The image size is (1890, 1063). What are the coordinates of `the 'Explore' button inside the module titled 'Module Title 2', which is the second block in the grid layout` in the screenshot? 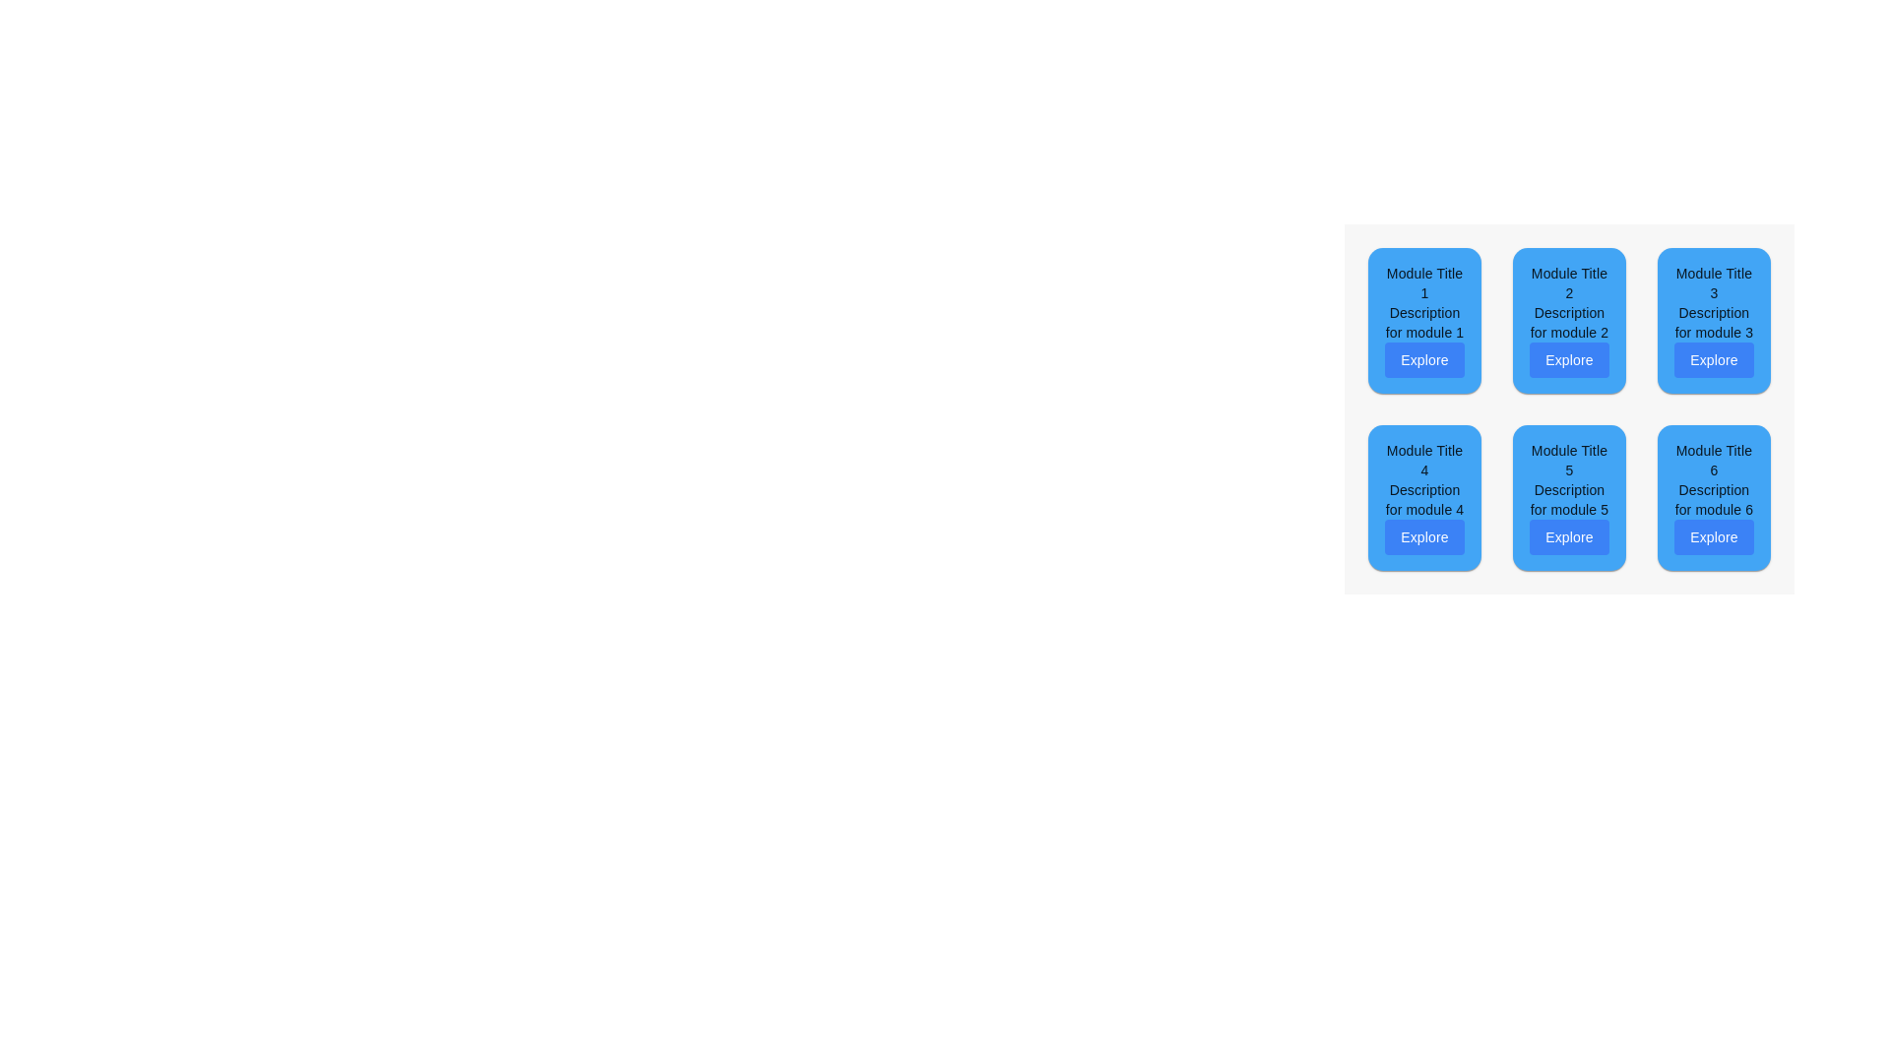 It's located at (1552, 394).